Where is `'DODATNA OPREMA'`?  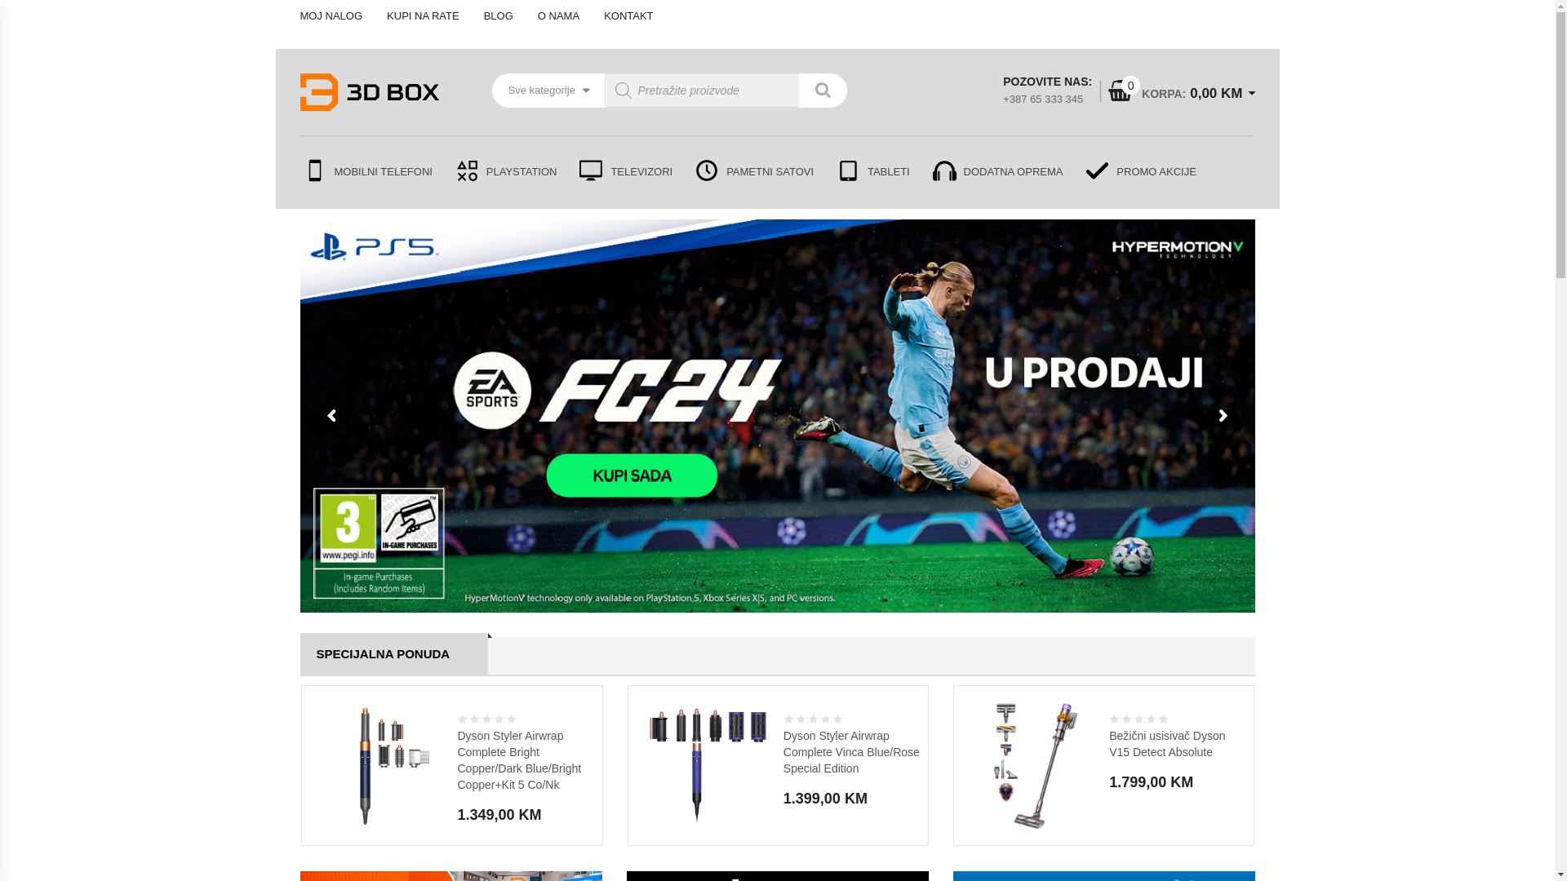
'DODATNA OPREMA' is located at coordinates (921, 172).